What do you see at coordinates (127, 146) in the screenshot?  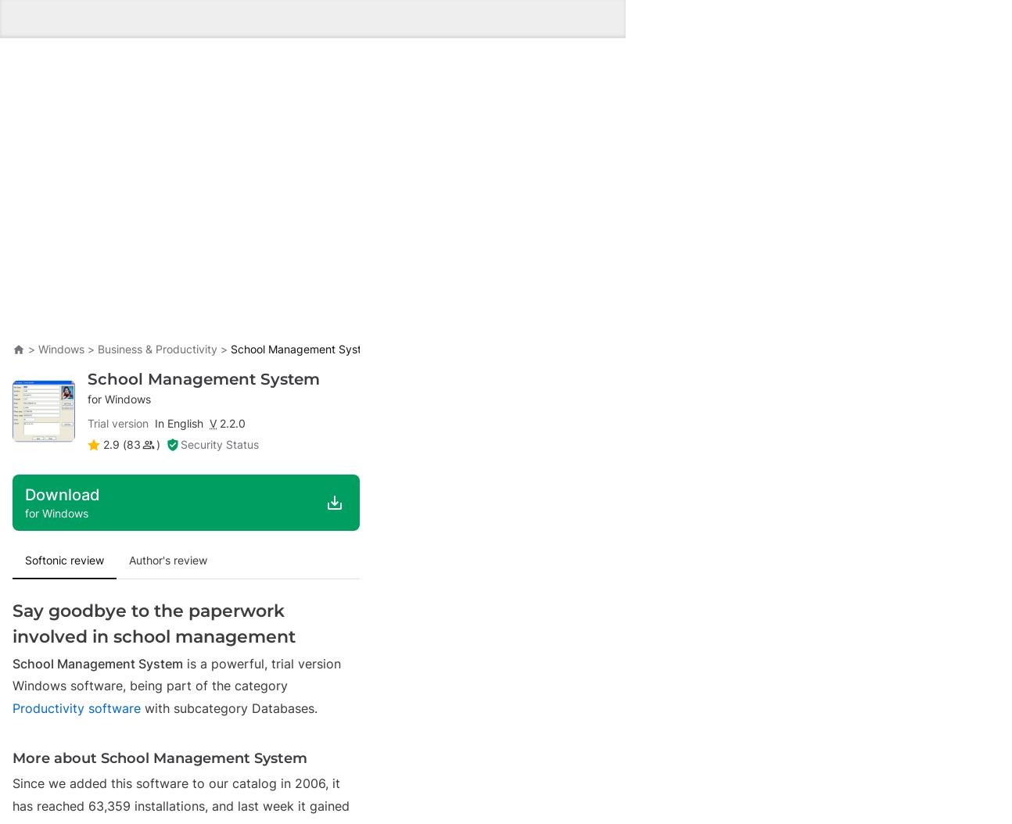 I see `'One Calendar'` at bounding box center [127, 146].